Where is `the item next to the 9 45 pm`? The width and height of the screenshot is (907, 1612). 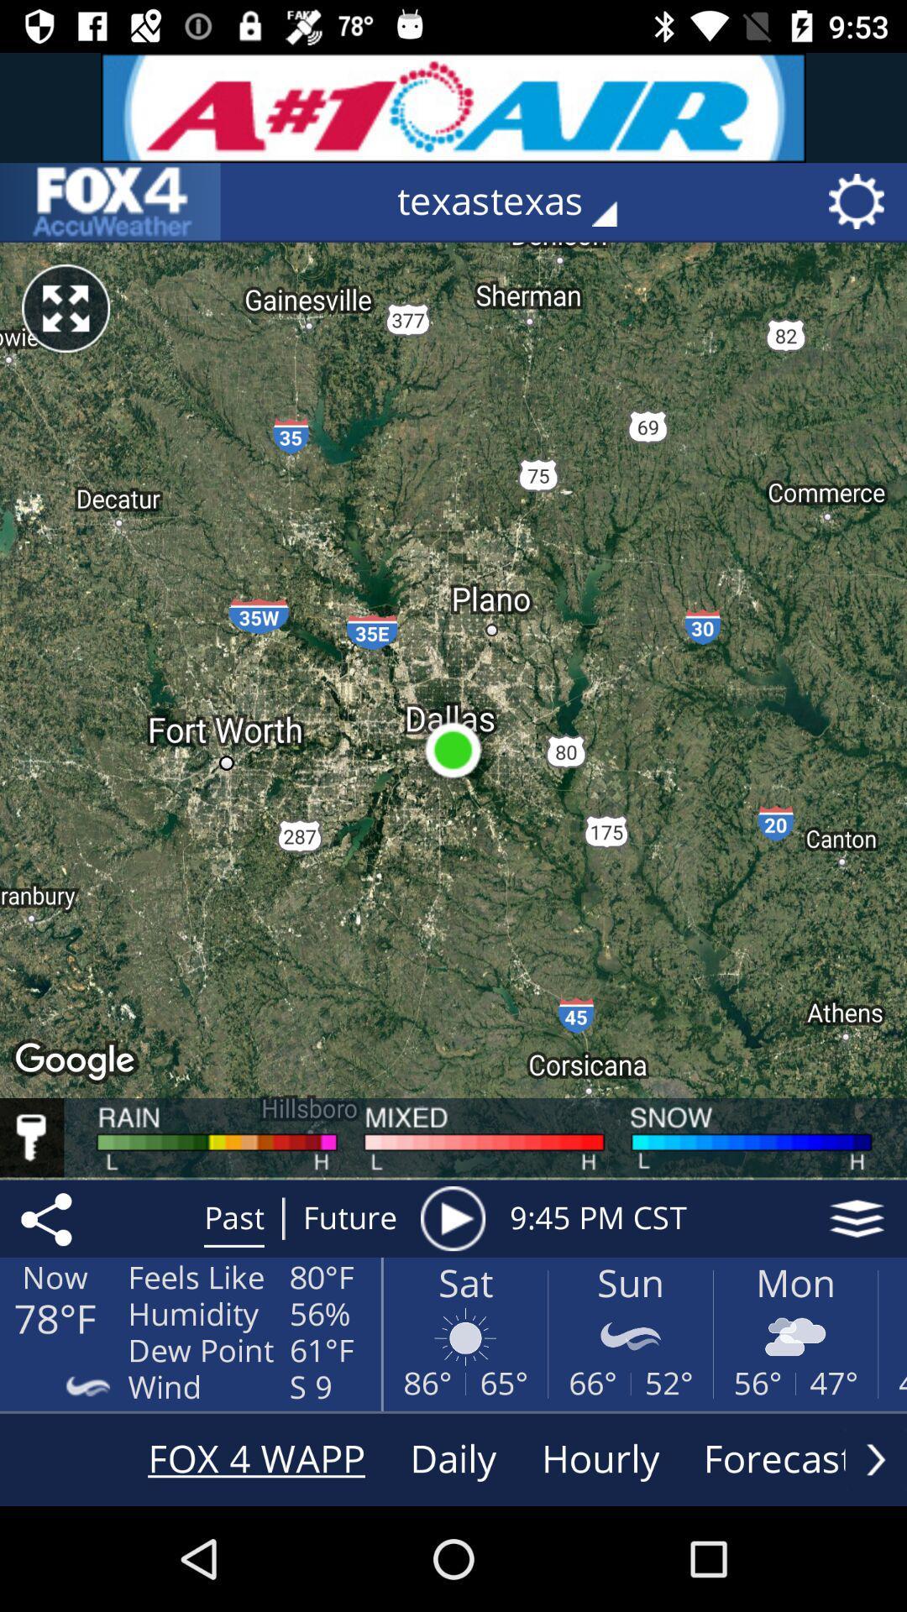
the item next to the 9 45 pm is located at coordinates (452, 1218).